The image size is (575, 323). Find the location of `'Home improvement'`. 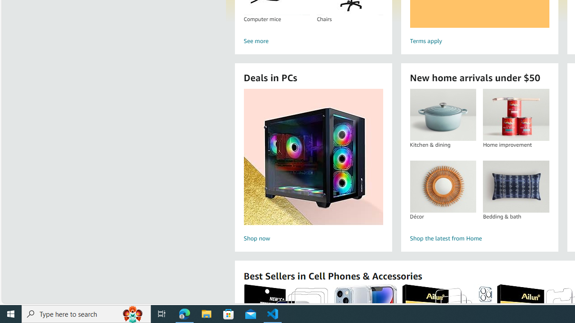

'Home improvement' is located at coordinates (516, 114).